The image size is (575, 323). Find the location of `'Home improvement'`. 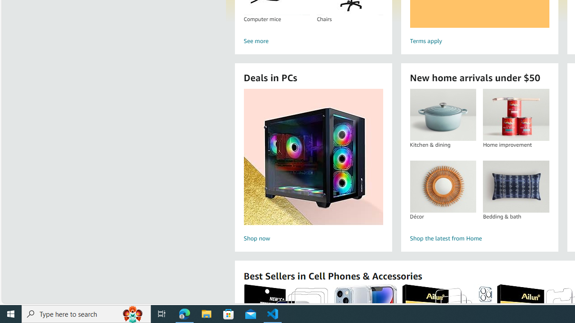

'Home improvement' is located at coordinates (516, 114).